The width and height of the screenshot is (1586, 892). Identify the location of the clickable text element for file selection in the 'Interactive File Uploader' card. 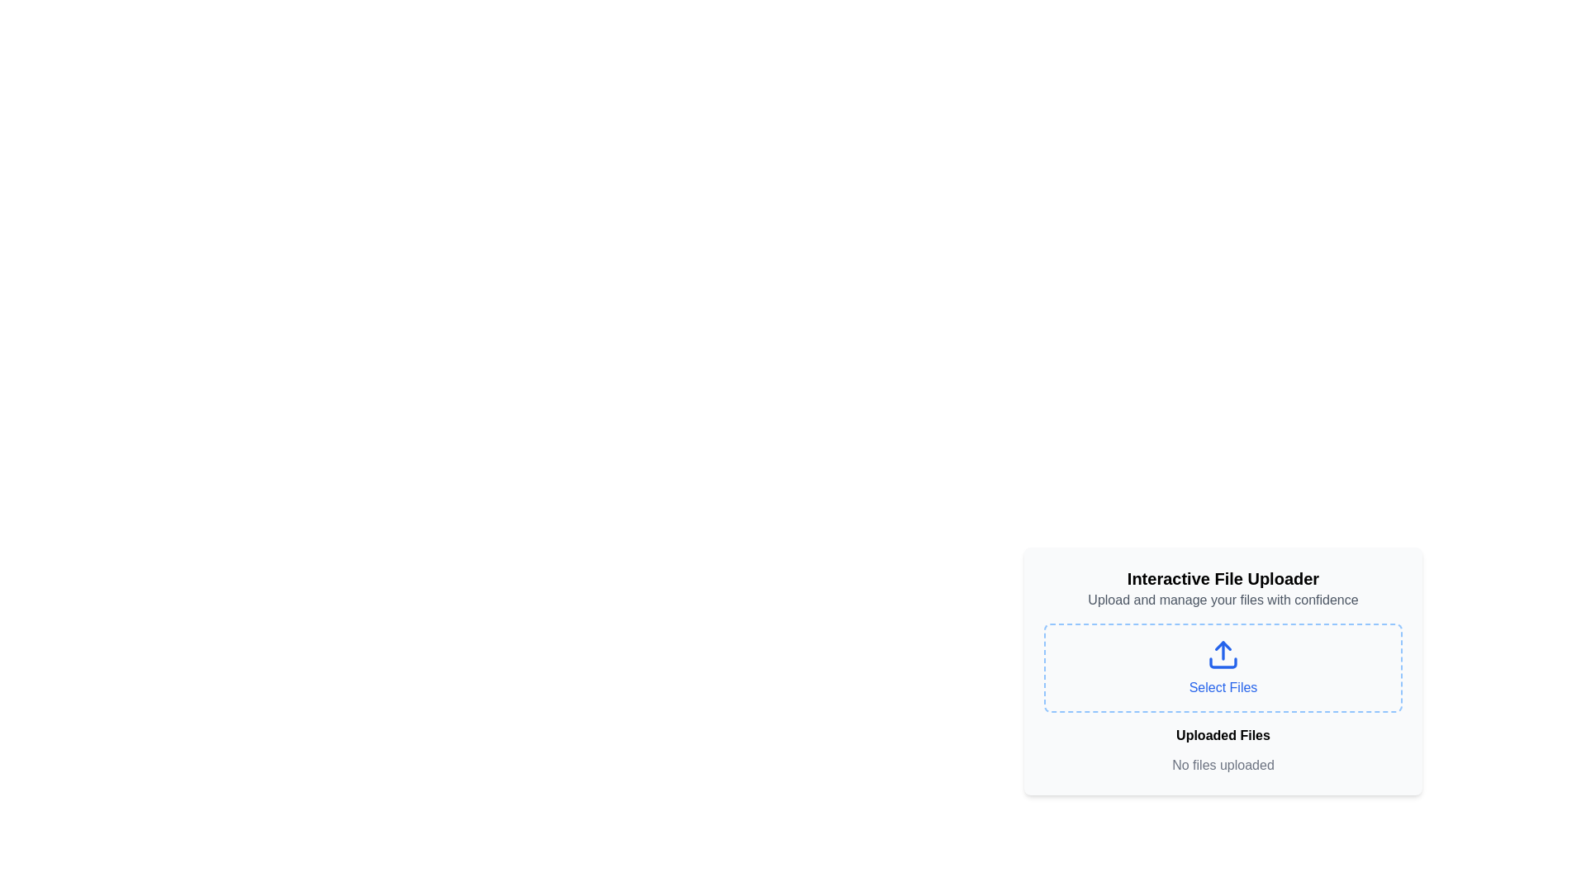
(1223, 665).